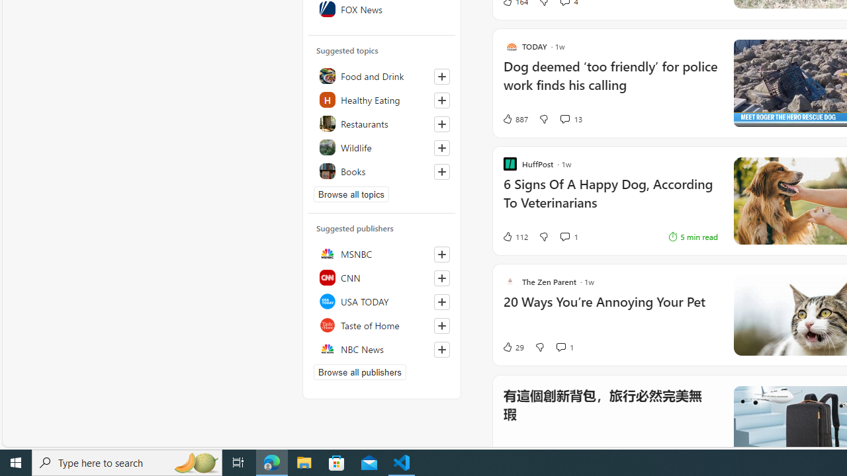 This screenshot has height=476, width=847. I want to click on 'View comments 13 Comment', so click(564, 119).